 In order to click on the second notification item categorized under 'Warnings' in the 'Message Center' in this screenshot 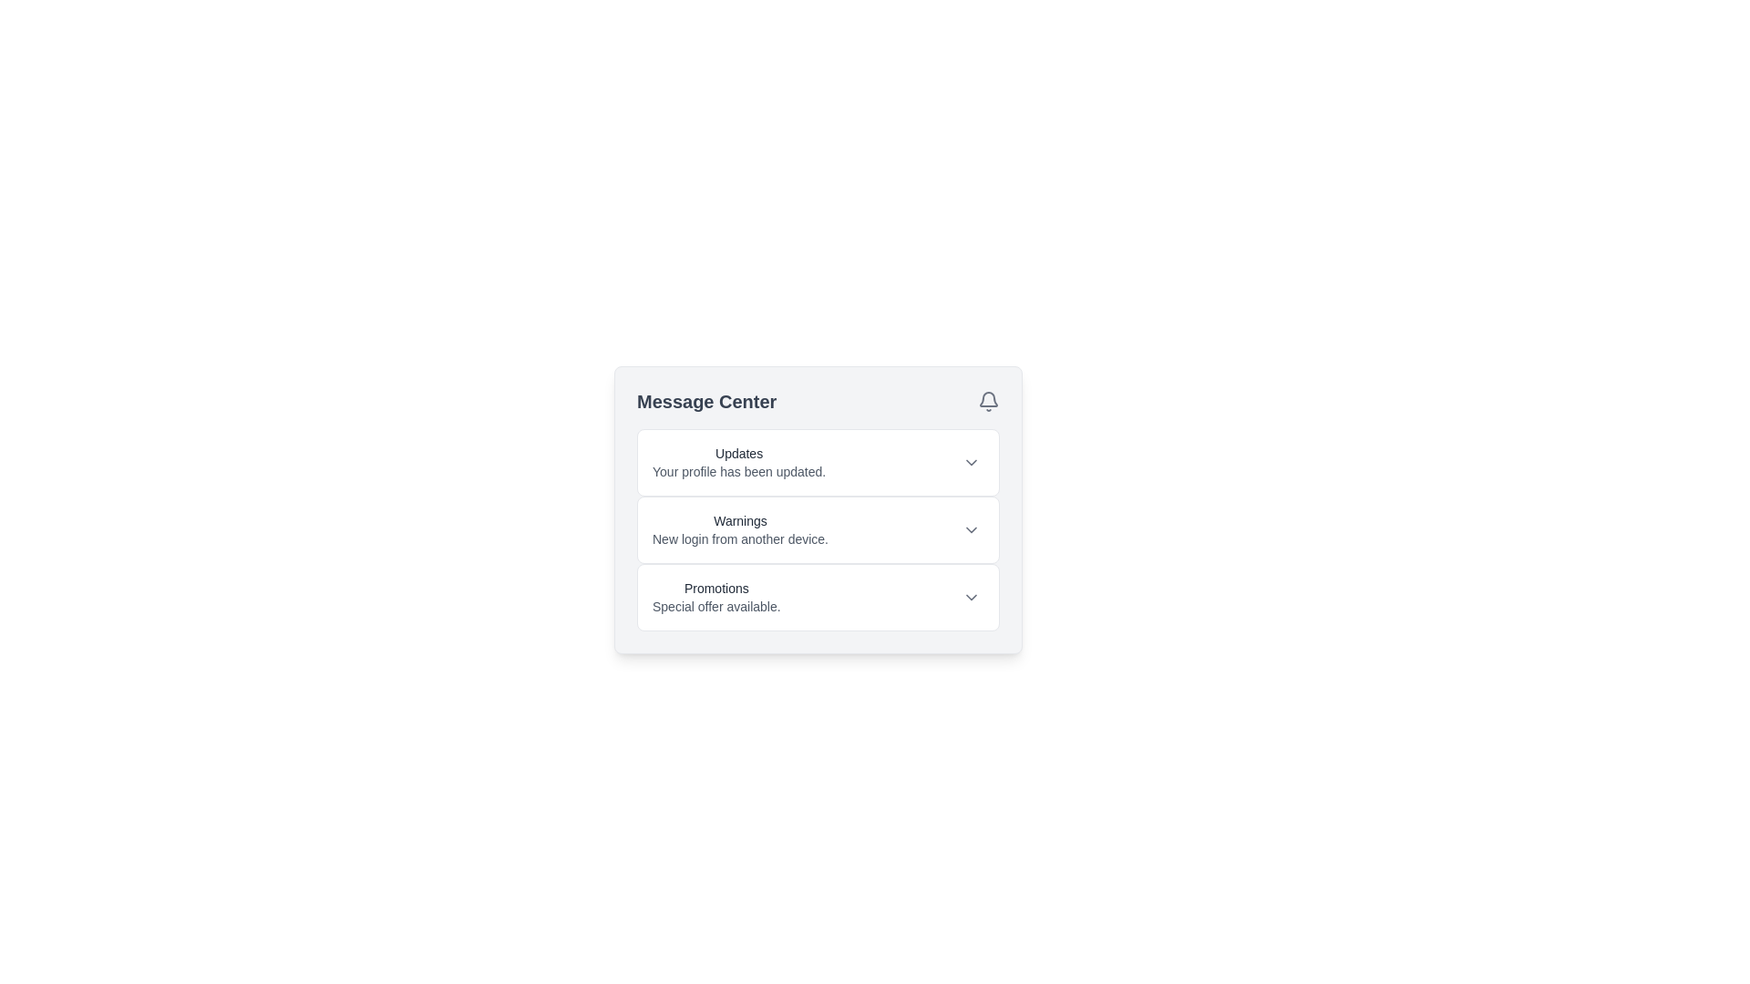, I will do `click(817, 530)`.